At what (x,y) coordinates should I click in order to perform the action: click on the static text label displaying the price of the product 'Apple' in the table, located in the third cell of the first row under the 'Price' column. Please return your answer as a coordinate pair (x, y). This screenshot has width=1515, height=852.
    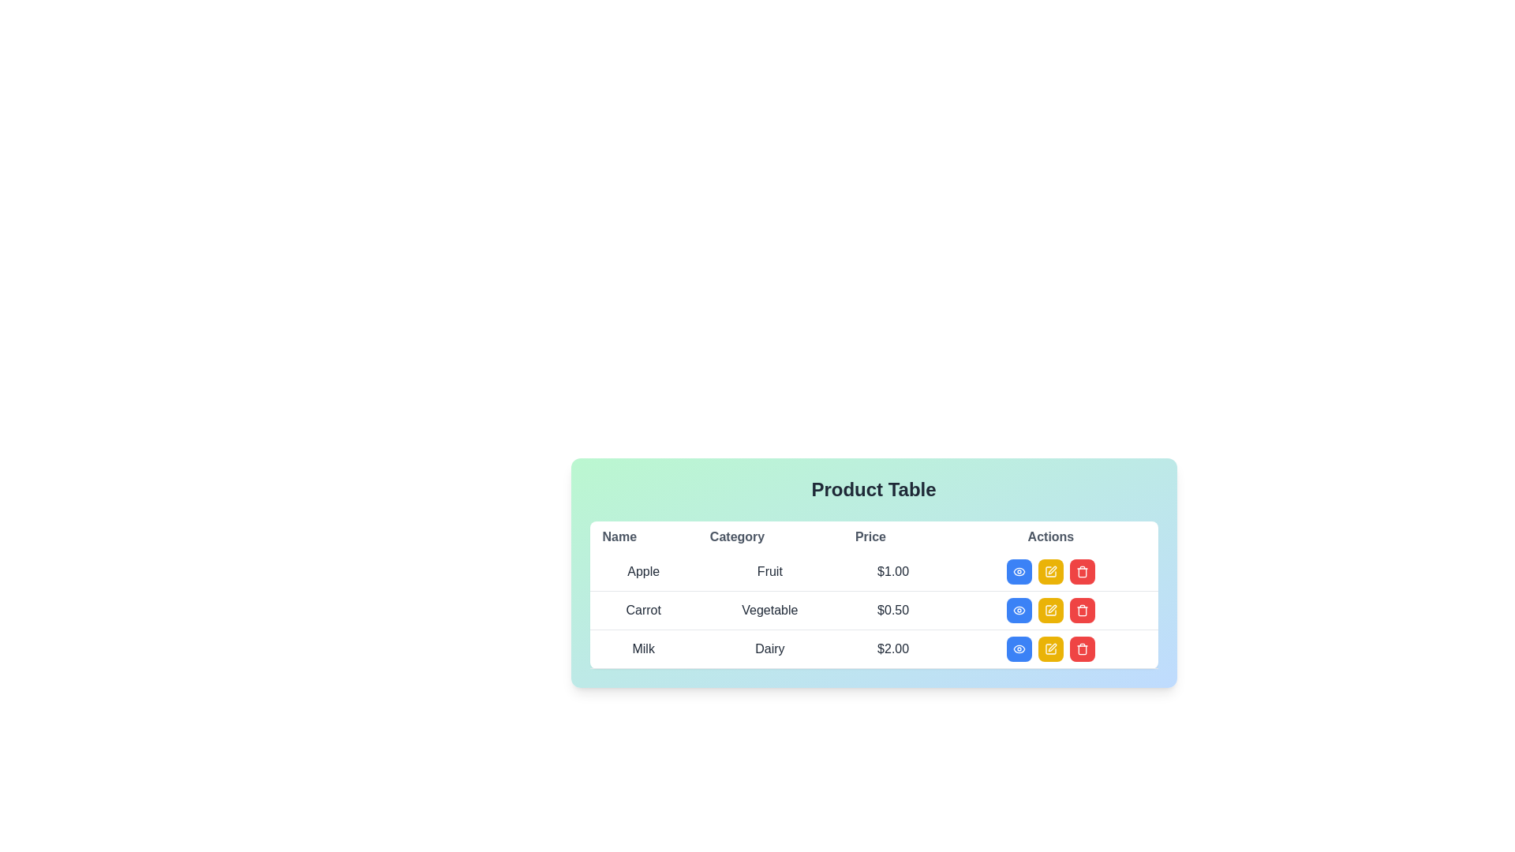
    Looking at the image, I should click on (893, 572).